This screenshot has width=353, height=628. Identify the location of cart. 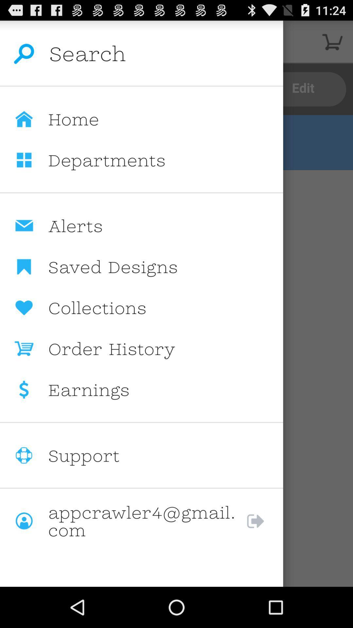
(332, 42).